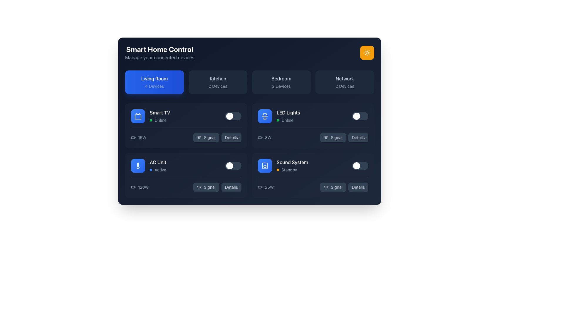 The width and height of the screenshot is (564, 317). I want to click on the Device status display element, which includes a lamp icon on a blue rounded square background with the text 'LED Lights' and 'Online', so click(278, 116).